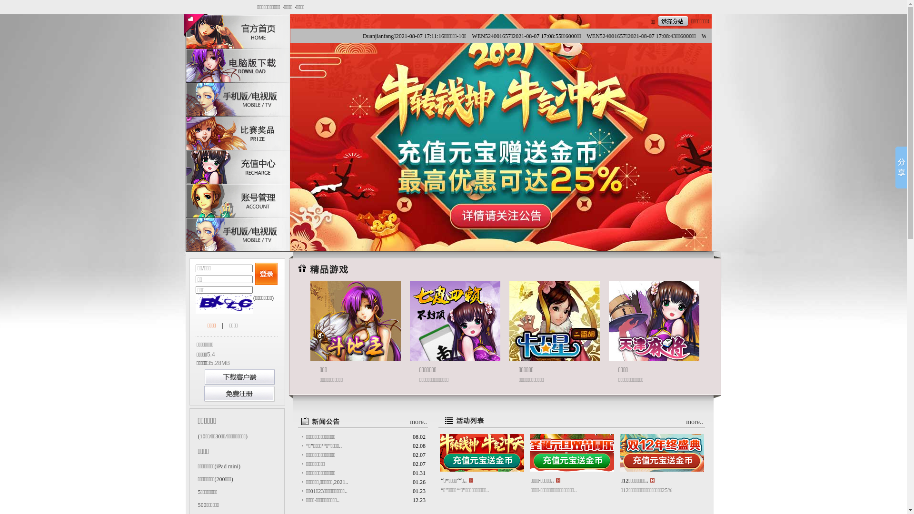  Describe the element at coordinates (685, 421) in the screenshot. I see `'more..'` at that location.